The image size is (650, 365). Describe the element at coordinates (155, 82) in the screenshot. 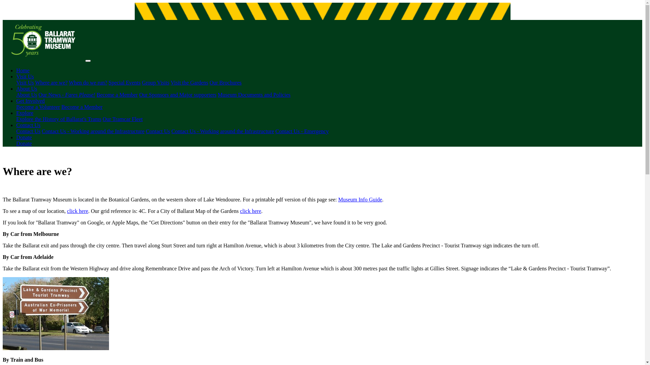

I see `'Group Visits'` at that location.